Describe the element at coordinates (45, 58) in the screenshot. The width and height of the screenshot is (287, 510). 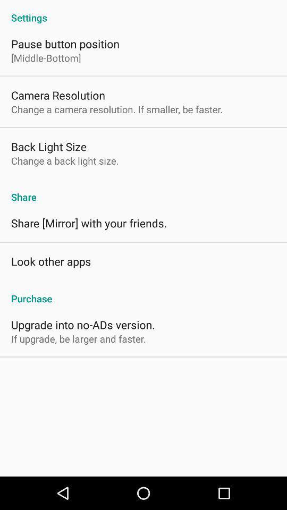
I see `the icon below the pause button position` at that location.